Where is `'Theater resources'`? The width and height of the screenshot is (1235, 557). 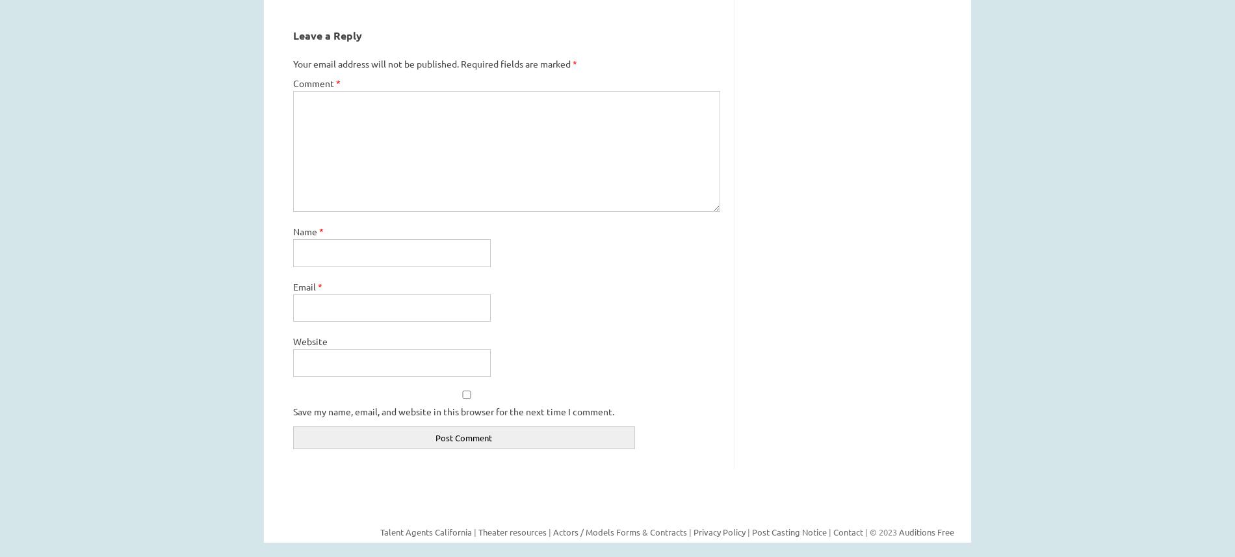 'Theater resources' is located at coordinates (512, 531).